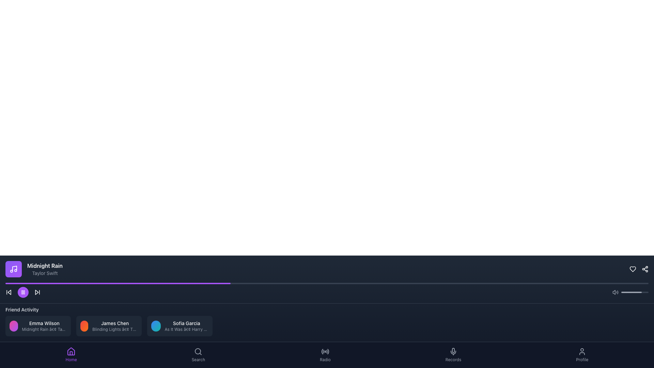  I want to click on the Text Label displaying the title and artist of the song associated with the user 'James Chen' located in the 'Friend Activity' section, so click(115, 329).